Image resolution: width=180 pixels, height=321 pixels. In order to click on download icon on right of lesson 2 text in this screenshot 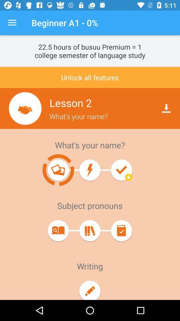, I will do `click(166, 108)`.